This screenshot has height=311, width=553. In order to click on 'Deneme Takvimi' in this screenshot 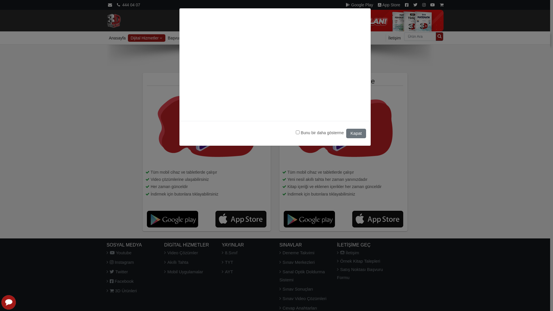, I will do `click(297, 252)`.